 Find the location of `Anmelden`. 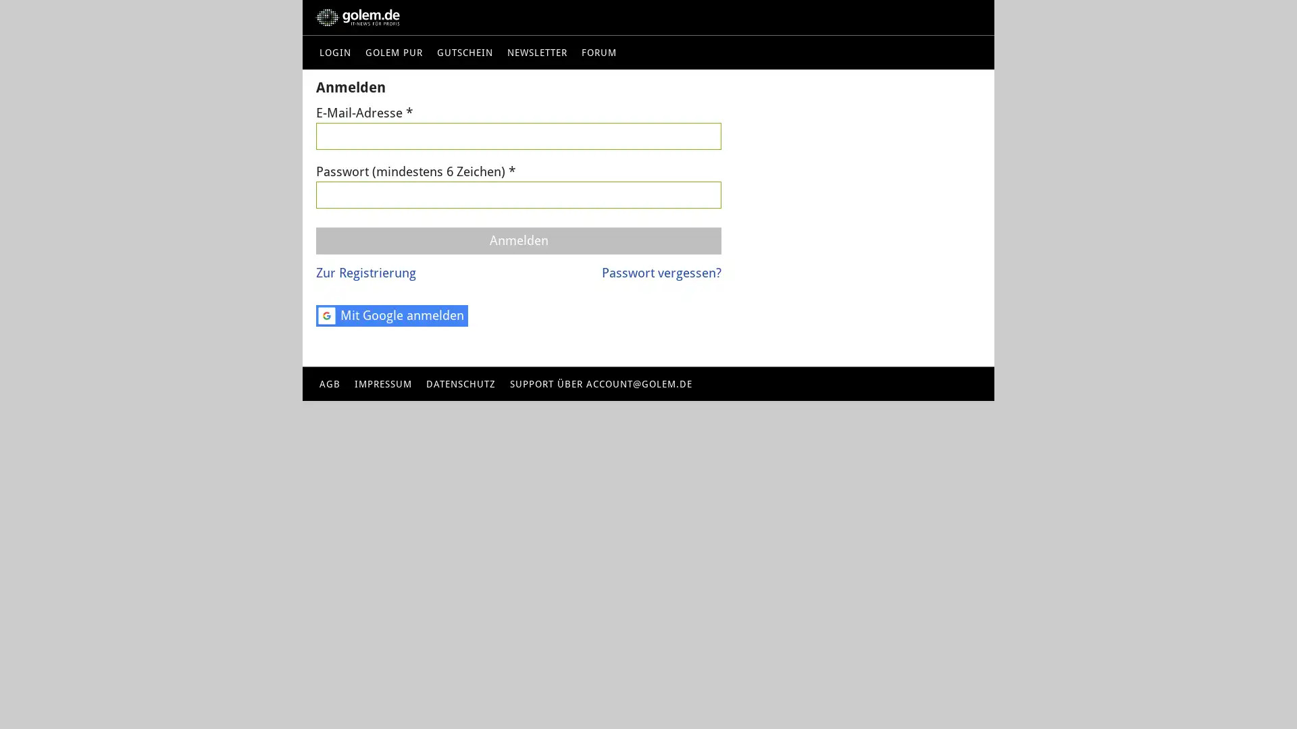

Anmelden is located at coordinates (518, 240).